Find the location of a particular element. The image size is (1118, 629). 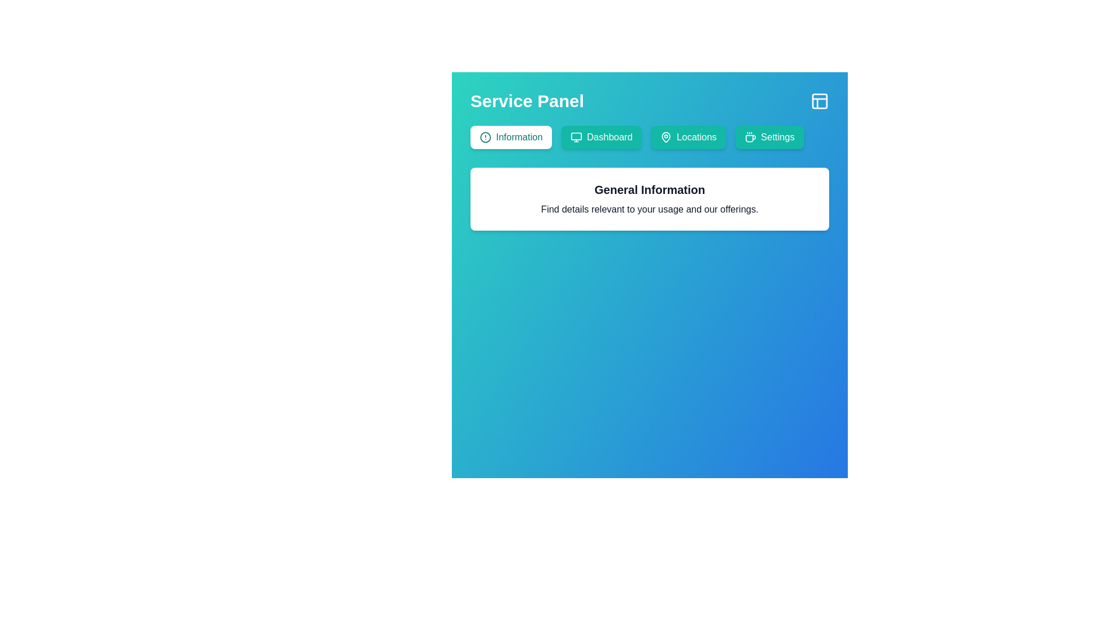

the rectangular frame within the monitor icon located inside the 'Dashboard' button, which is the second item in a row of action buttons is located at coordinates (576, 136).